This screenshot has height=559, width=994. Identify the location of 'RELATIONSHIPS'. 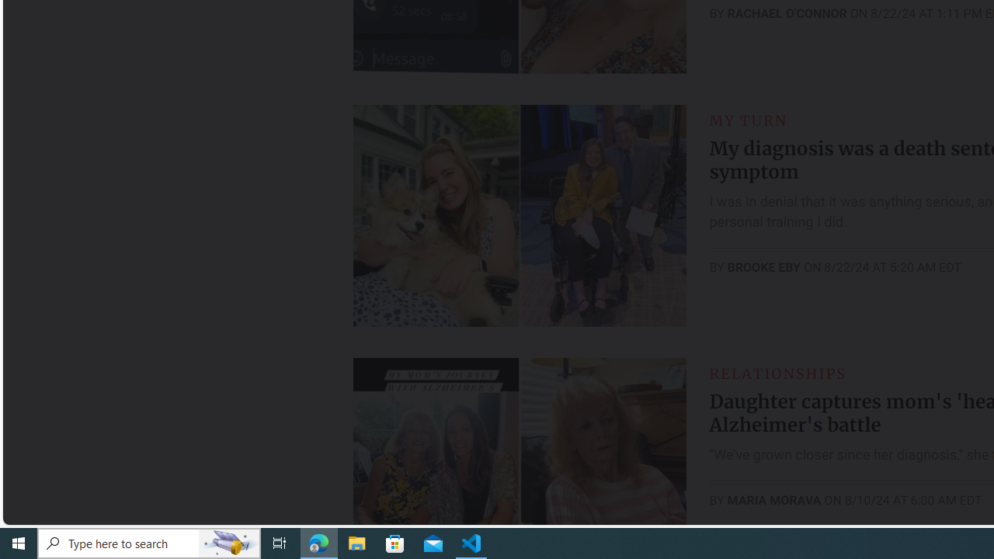
(777, 373).